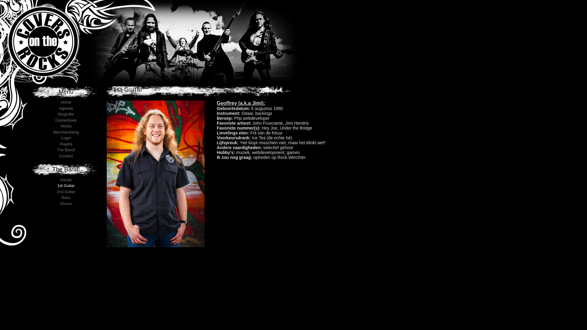 The height and width of the screenshot is (330, 587). Describe the element at coordinates (66, 204) in the screenshot. I see `'Drums'` at that location.